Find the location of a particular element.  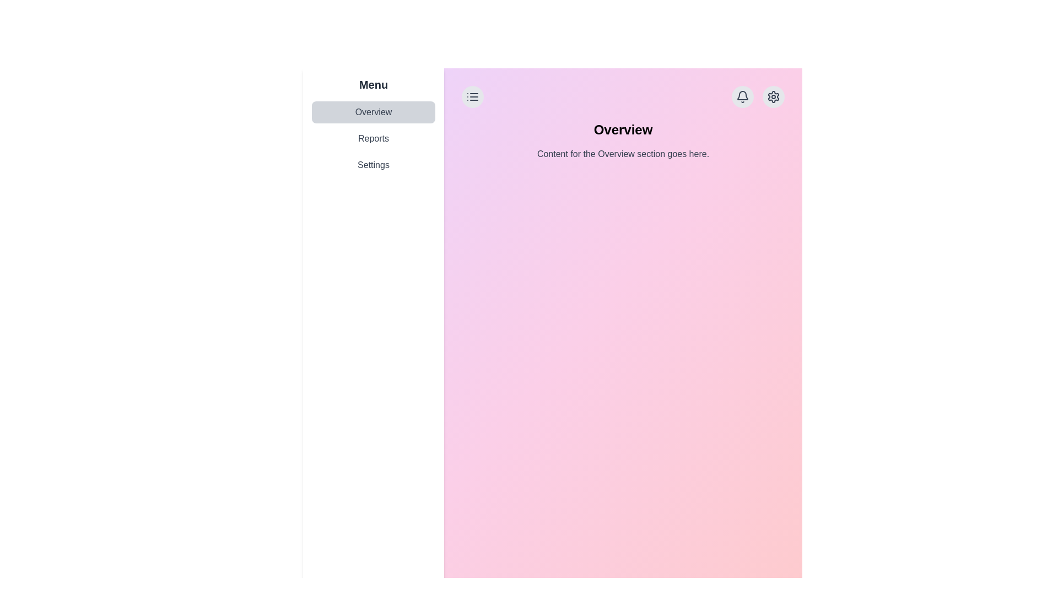

the Bell icon located in the top-right corner of the content panel is located at coordinates (743, 96).